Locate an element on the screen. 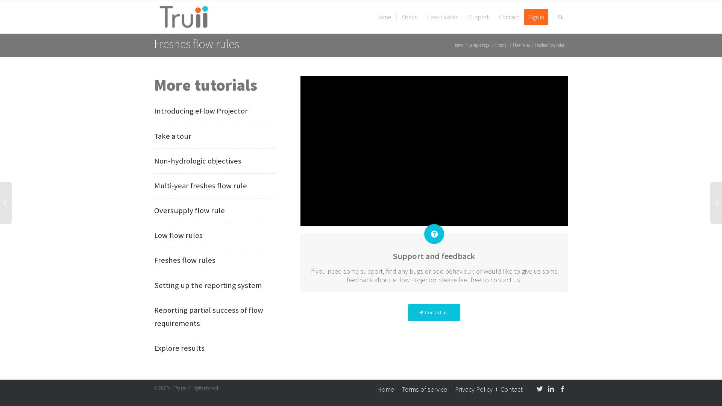 The height and width of the screenshot is (406, 722). 'Privacy Policy' is located at coordinates (473, 389).